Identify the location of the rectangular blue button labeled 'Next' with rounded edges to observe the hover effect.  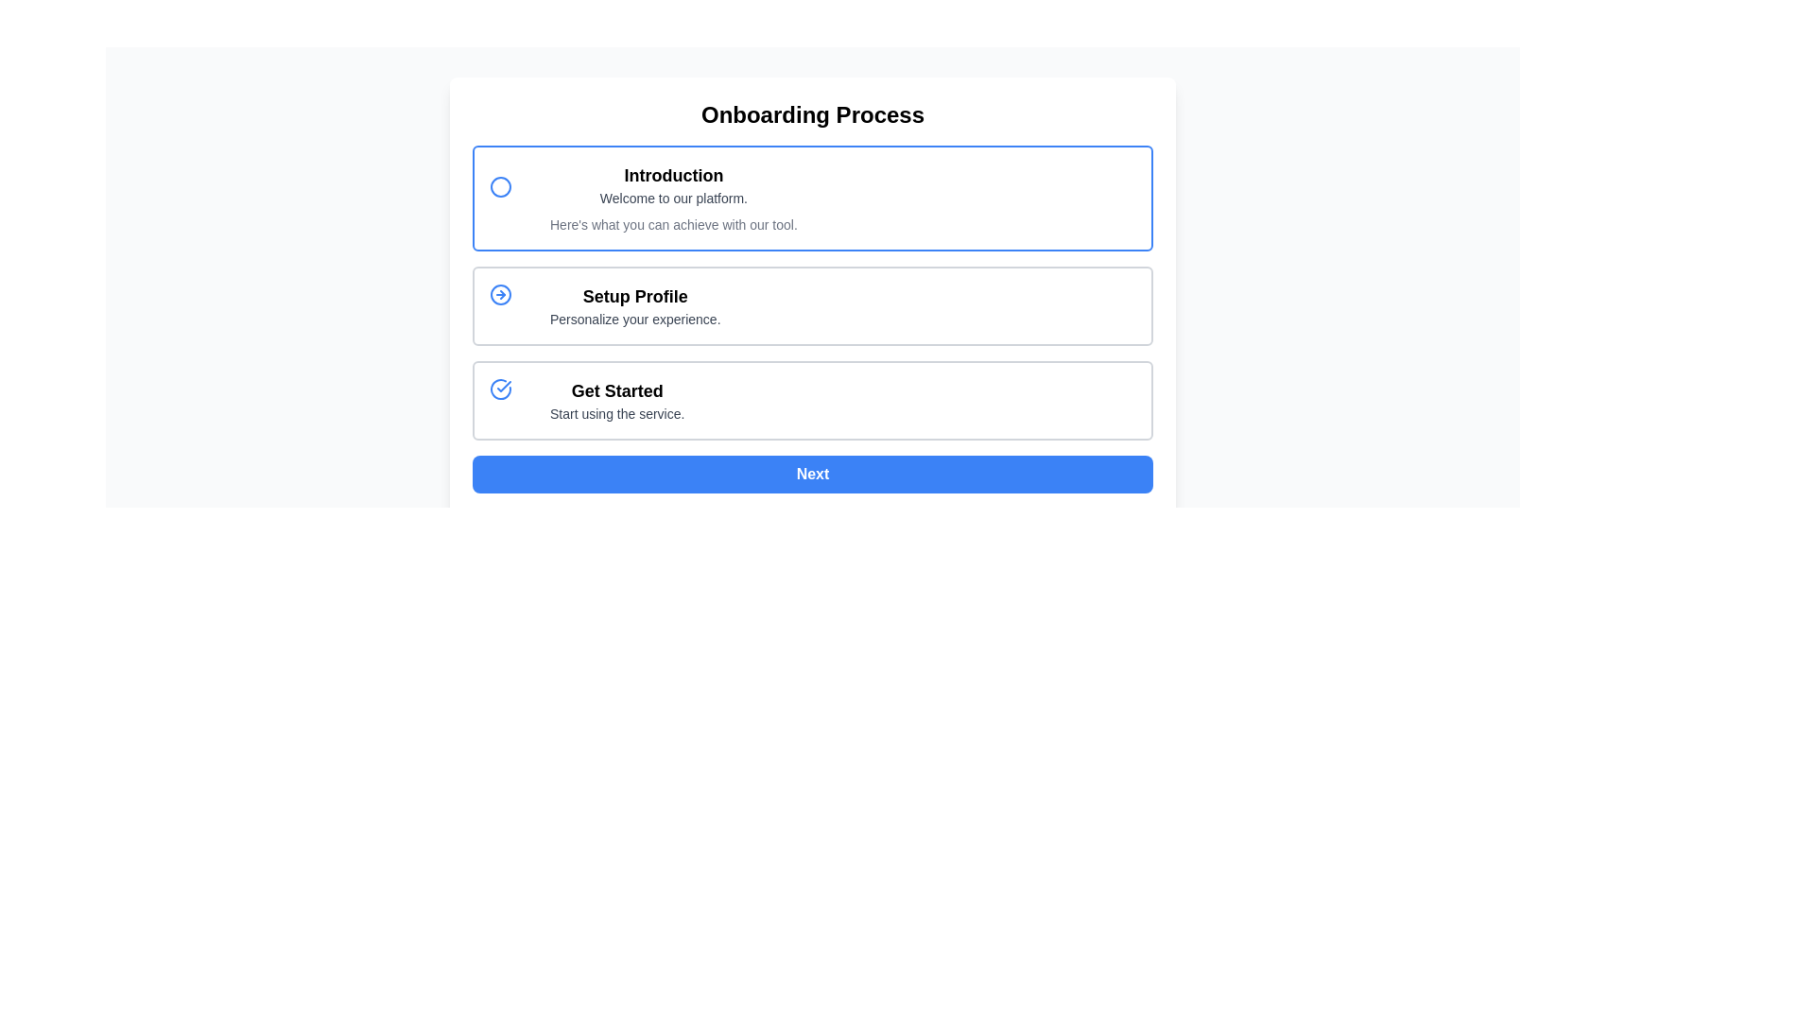
(812, 473).